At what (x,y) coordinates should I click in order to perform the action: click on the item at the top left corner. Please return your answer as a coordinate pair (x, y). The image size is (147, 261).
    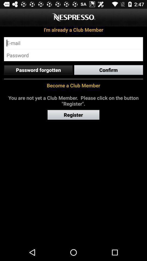
    Looking at the image, I should click on (38, 70).